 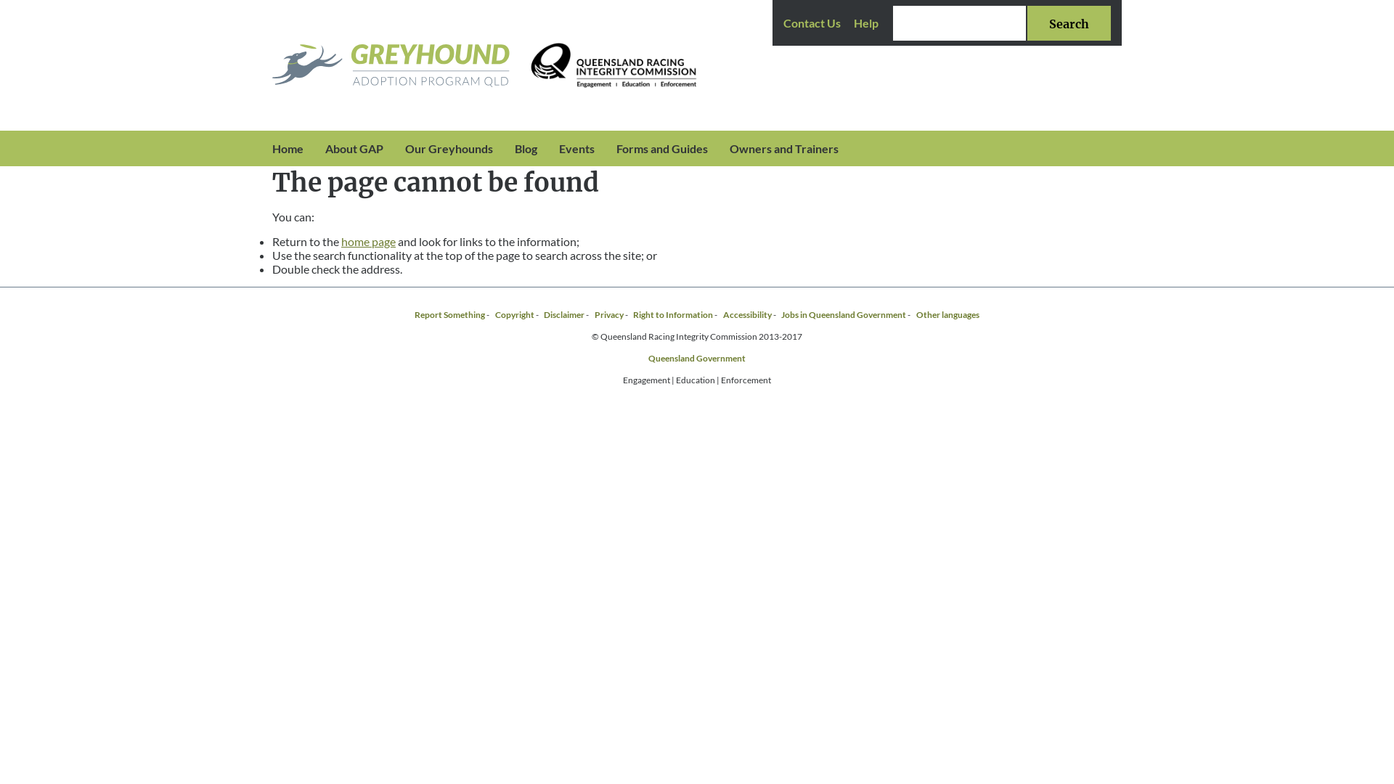 What do you see at coordinates (843, 314) in the screenshot?
I see `'Jobs in Queensland Government'` at bounding box center [843, 314].